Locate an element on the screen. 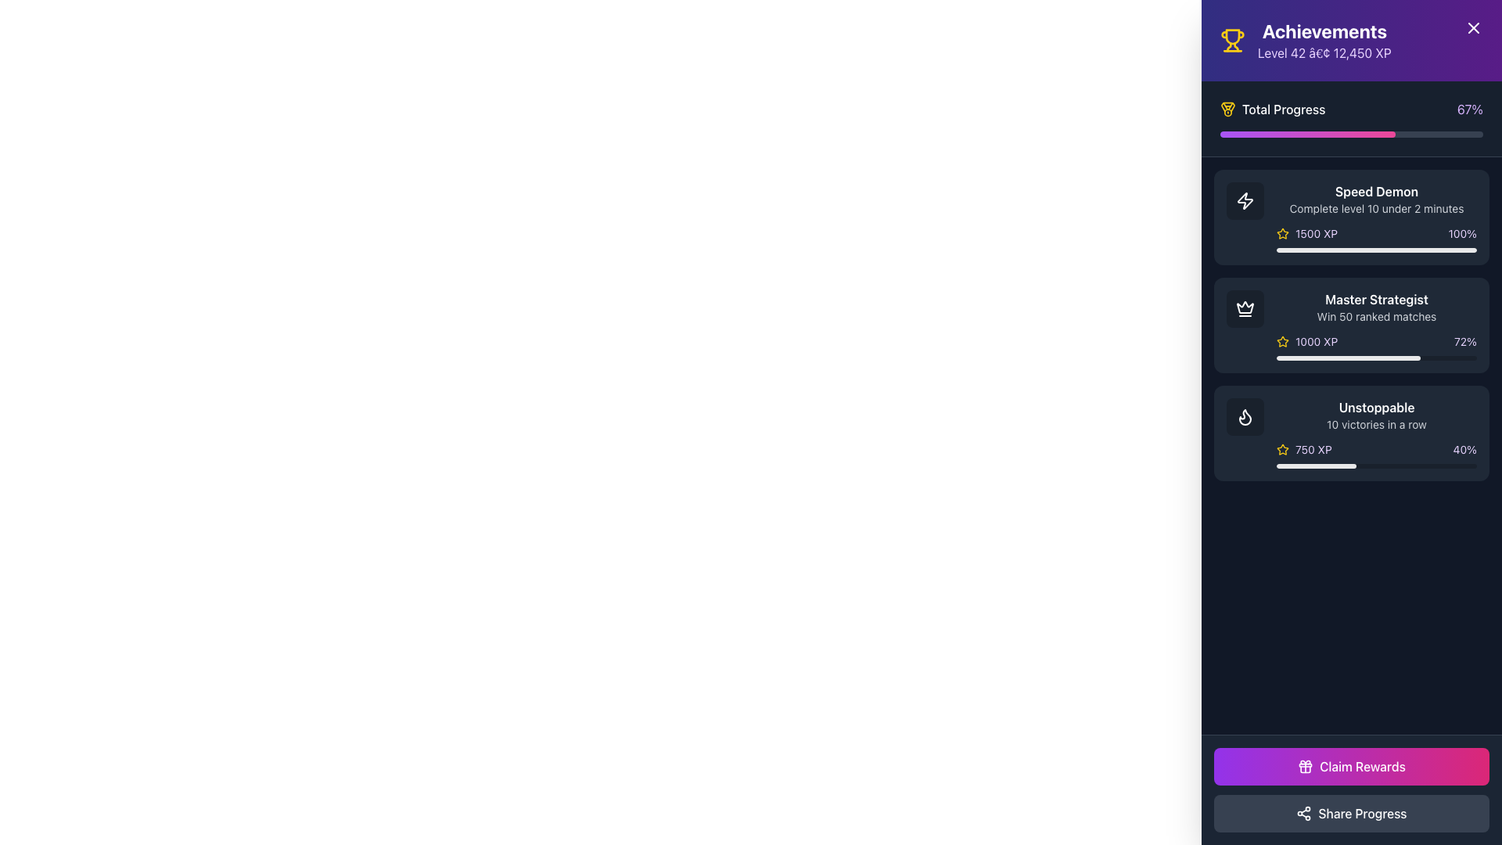 This screenshot has width=1502, height=845. the progress bar indicating 100% progress located under the 'Speed Demon' achievement description is located at coordinates (1377, 250).